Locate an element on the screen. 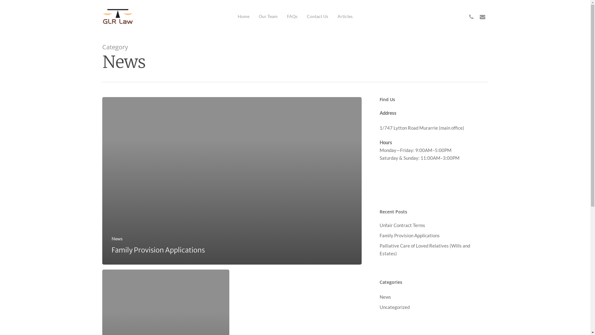 This screenshot has height=335, width=595. 'Contact Us' is located at coordinates (306, 16).